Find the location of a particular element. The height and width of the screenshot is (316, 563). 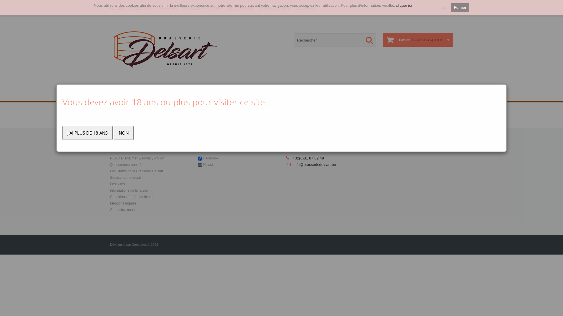

'Comperex' is located at coordinates (139, 245).